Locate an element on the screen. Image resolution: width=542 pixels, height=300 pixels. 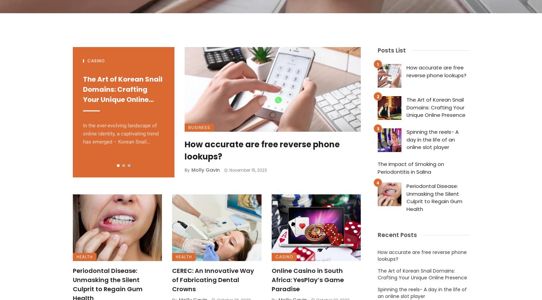
'Salina, Kansas, is a city that cherishes citizens’ health and well-being. It is known for its beautiful ...' is located at coordinates (326, 133).